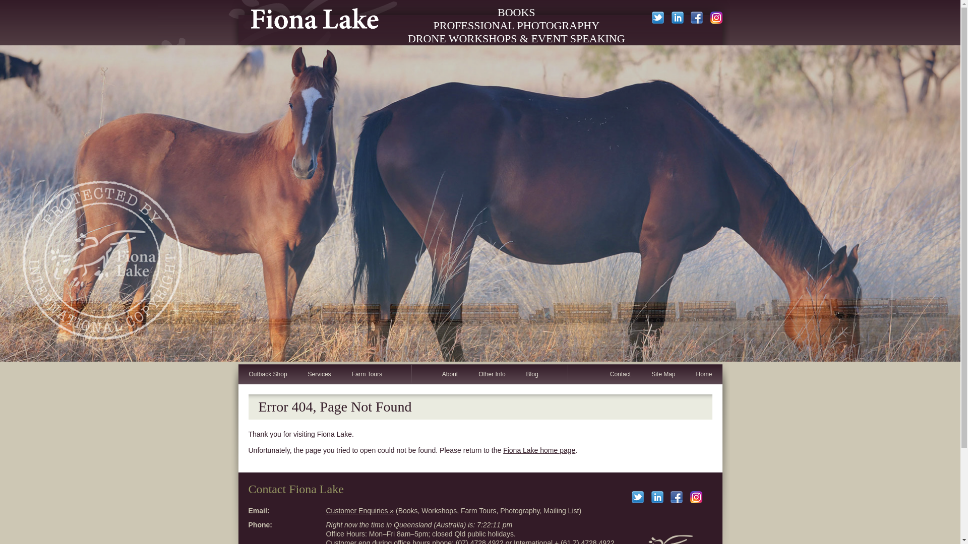 This screenshot has width=968, height=544. What do you see at coordinates (685, 374) in the screenshot?
I see `'Home'` at bounding box center [685, 374].